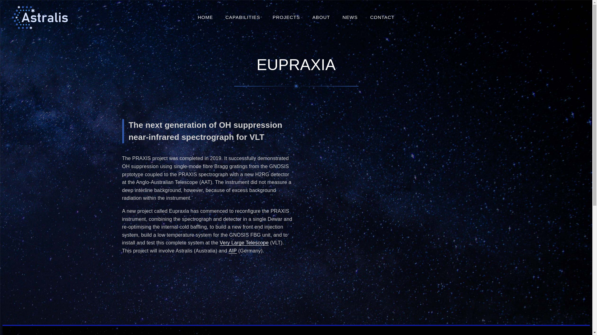 This screenshot has width=597, height=335. I want to click on 'NEWS', so click(350, 17).